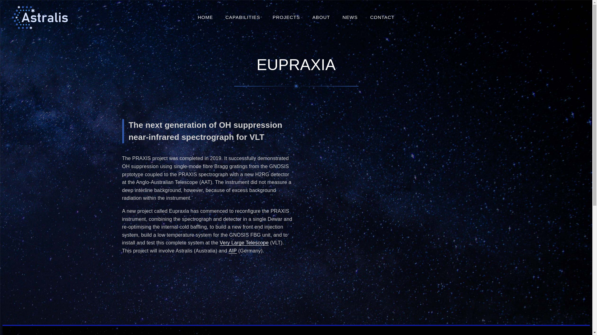 This screenshot has width=597, height=335. I want to click on 'NEWS', so click(350, 17).